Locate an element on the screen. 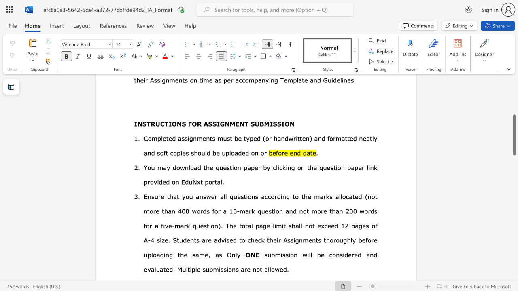 This screenshot has height=291, width=518. the scrollbar and move up 260 pixels is located at coordinates (514, 135).